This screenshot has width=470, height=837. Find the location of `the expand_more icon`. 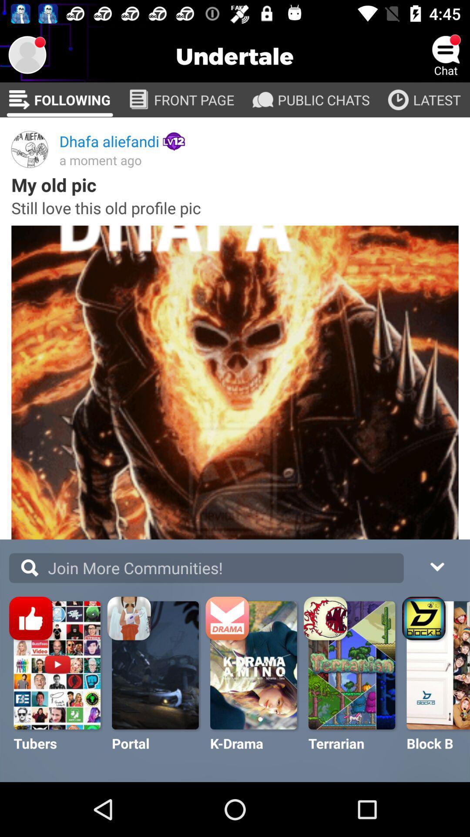

the expand_more icon is located at coordinates (436, 565).